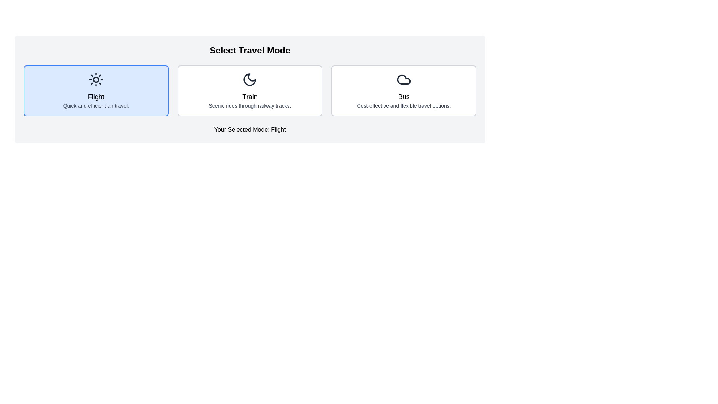 This screenshot has width=718, height=404. What do you see at coordinates (250, 50) in the screenshot?
I see `the text label that introduces the section for selecting travel modes, located centrally above the options for 'Flight', 'Train', and 'Bus'` at bounding box center [250, 50].